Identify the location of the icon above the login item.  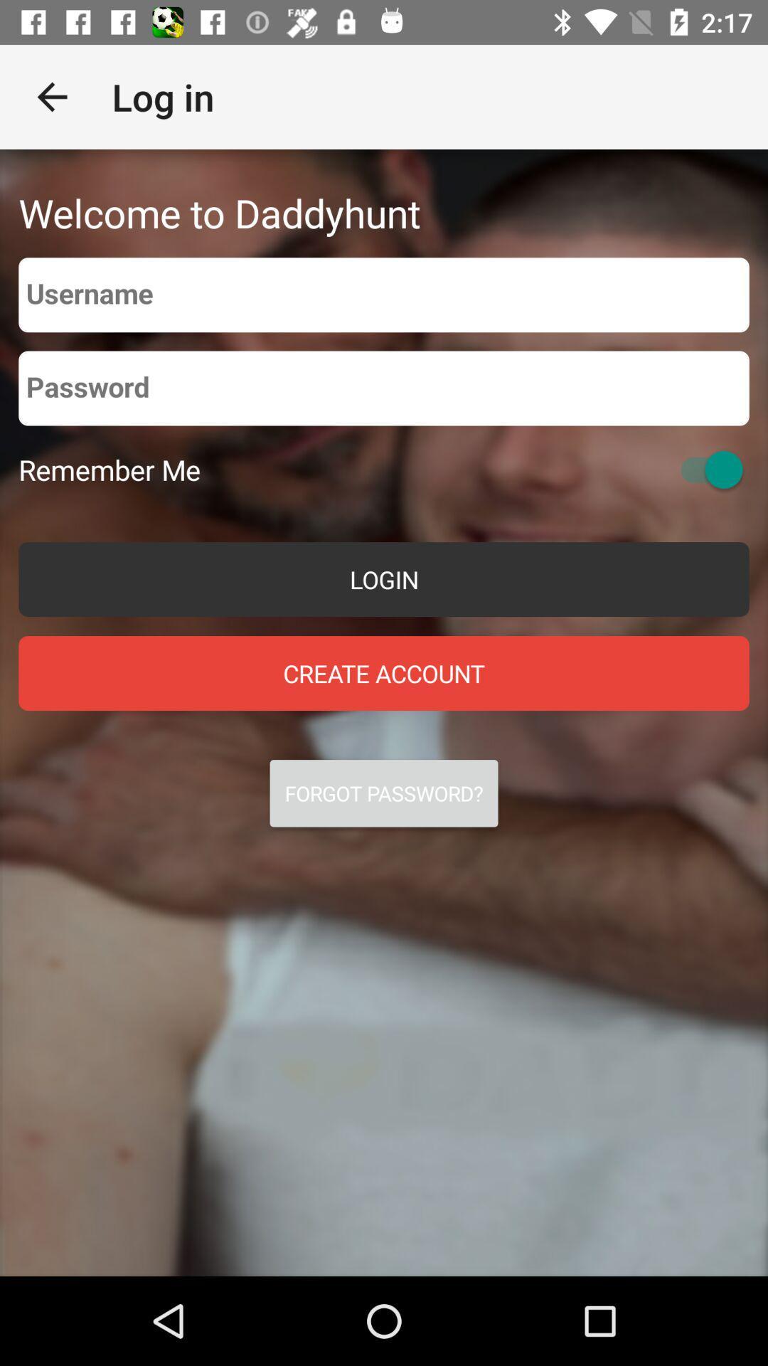
(109, 470).